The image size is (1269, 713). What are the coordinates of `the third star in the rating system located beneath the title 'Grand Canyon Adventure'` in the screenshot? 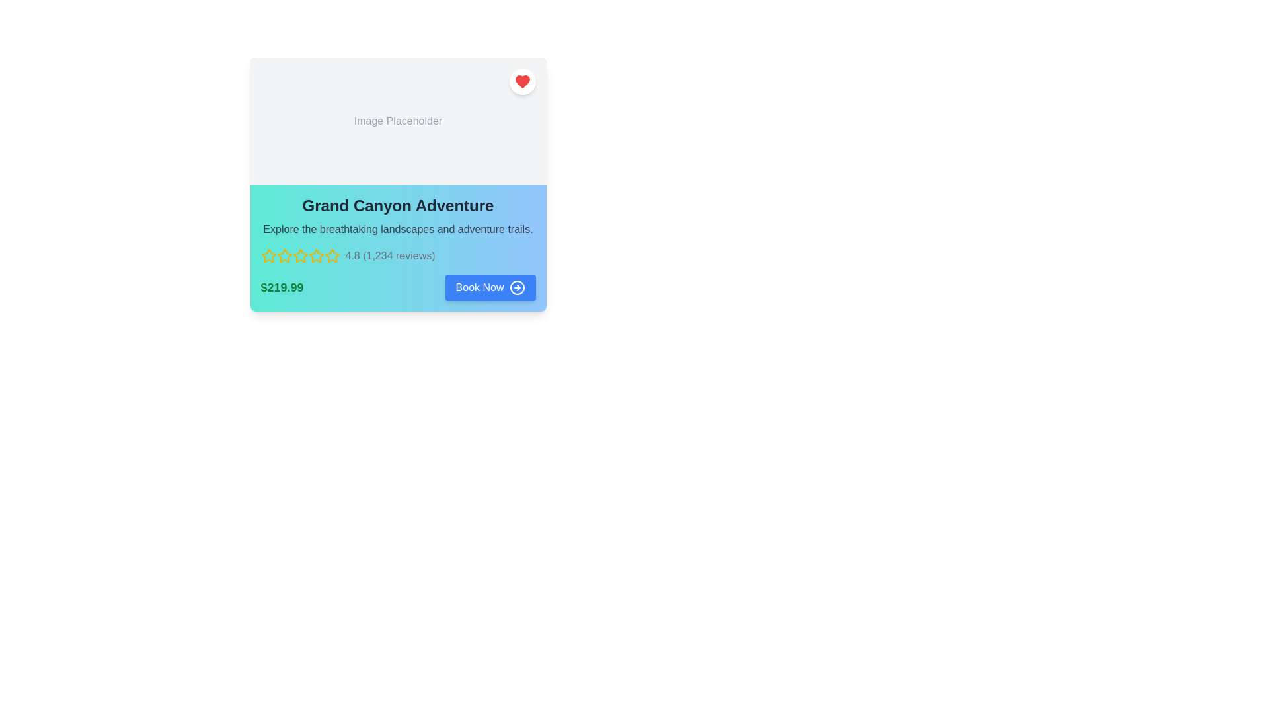 It's located at (315, 255).